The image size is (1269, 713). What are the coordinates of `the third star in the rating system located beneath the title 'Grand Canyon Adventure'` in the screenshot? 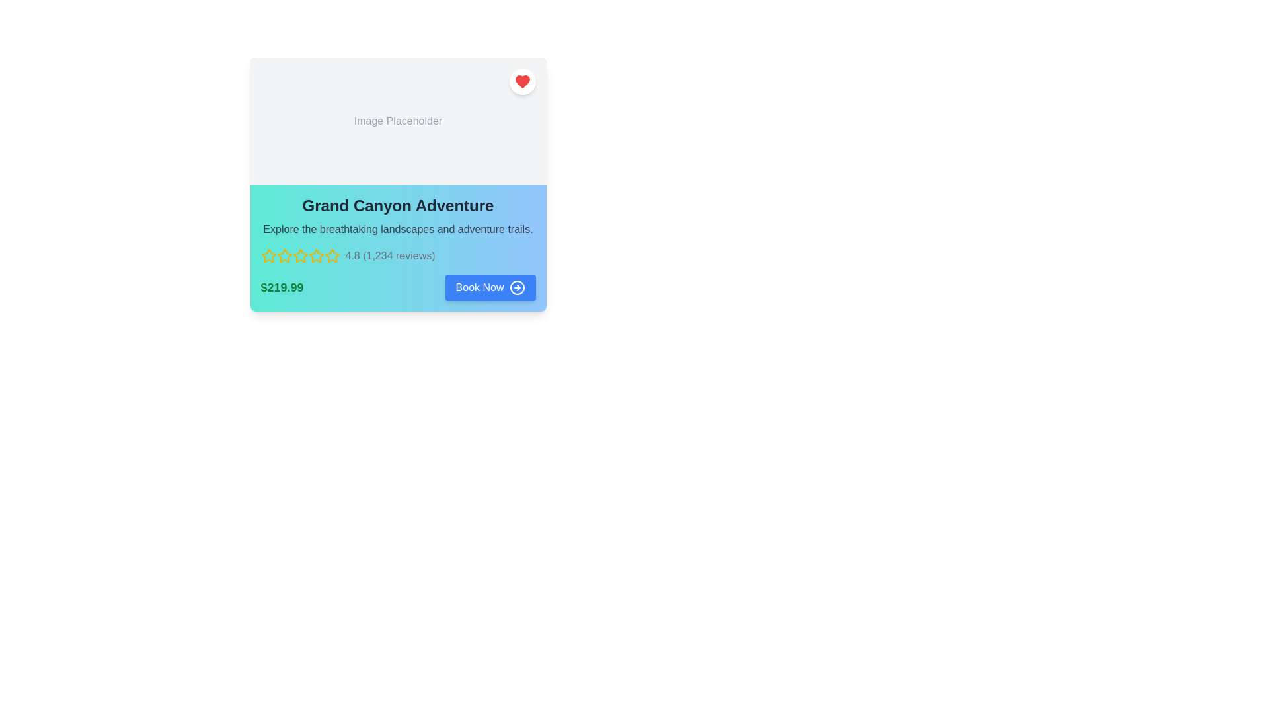 It's located at (315, 255).